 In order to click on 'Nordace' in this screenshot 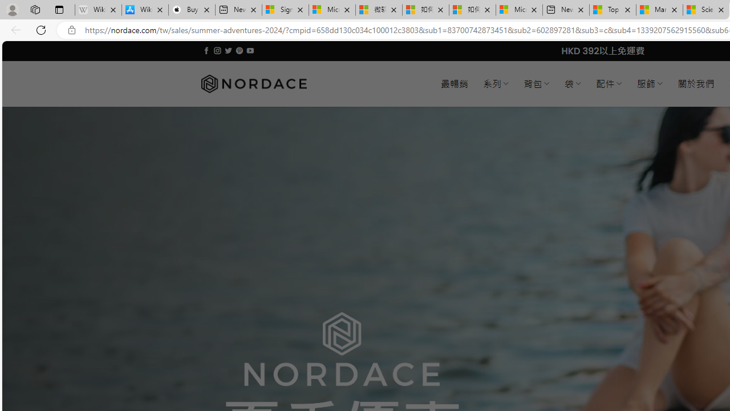, I will do `click(253, 83)`.